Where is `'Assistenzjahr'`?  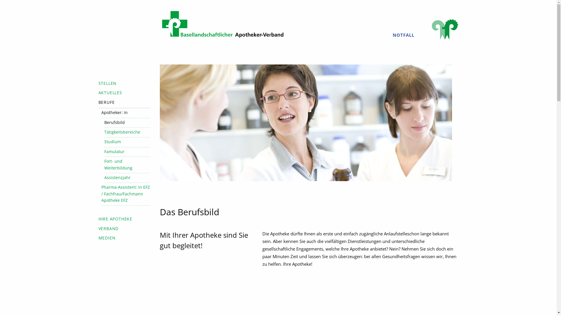 'Assistenzjahr' is located at coordinates (127, 178).